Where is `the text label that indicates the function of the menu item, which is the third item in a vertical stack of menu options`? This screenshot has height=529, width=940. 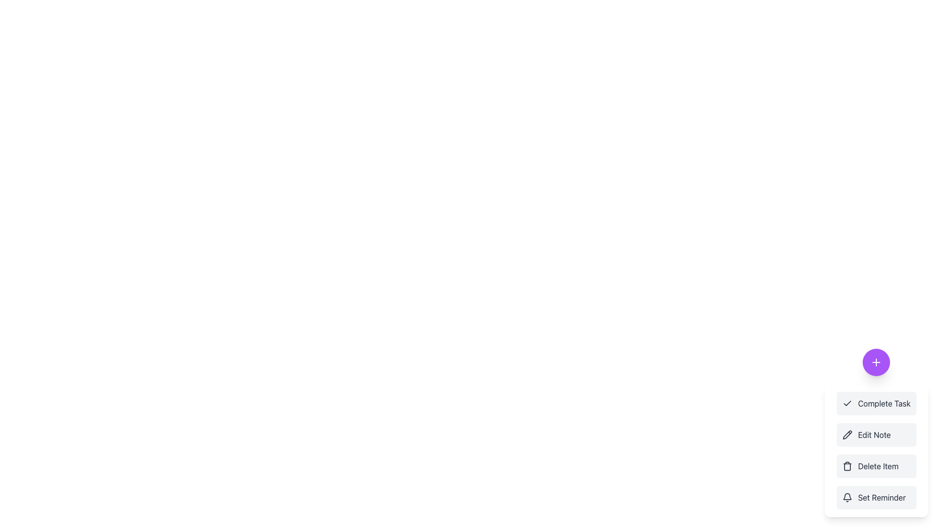 the text label that indicates the function of the menu item, which is the third item in a vertical stack of menu options is located at coordinates (878, 466).